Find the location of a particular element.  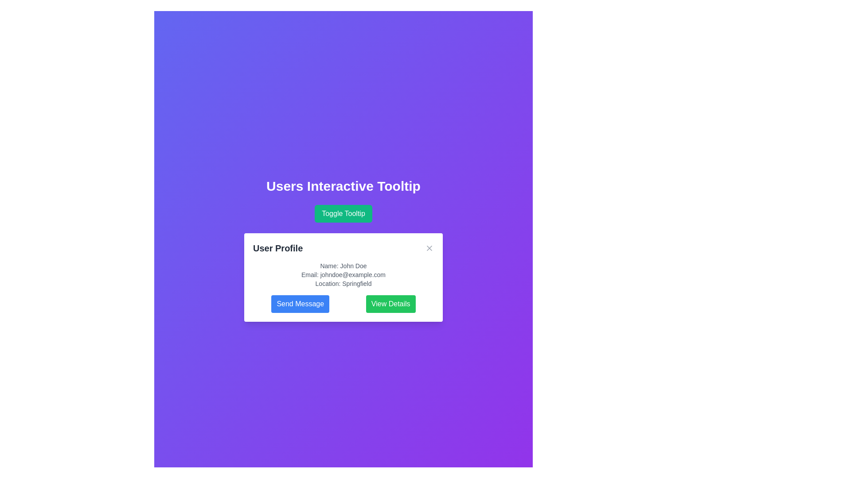

the text label that reads 'Name: John Doe', which is the first line in the user profile section above the email details is located at coordinates (343, 266).